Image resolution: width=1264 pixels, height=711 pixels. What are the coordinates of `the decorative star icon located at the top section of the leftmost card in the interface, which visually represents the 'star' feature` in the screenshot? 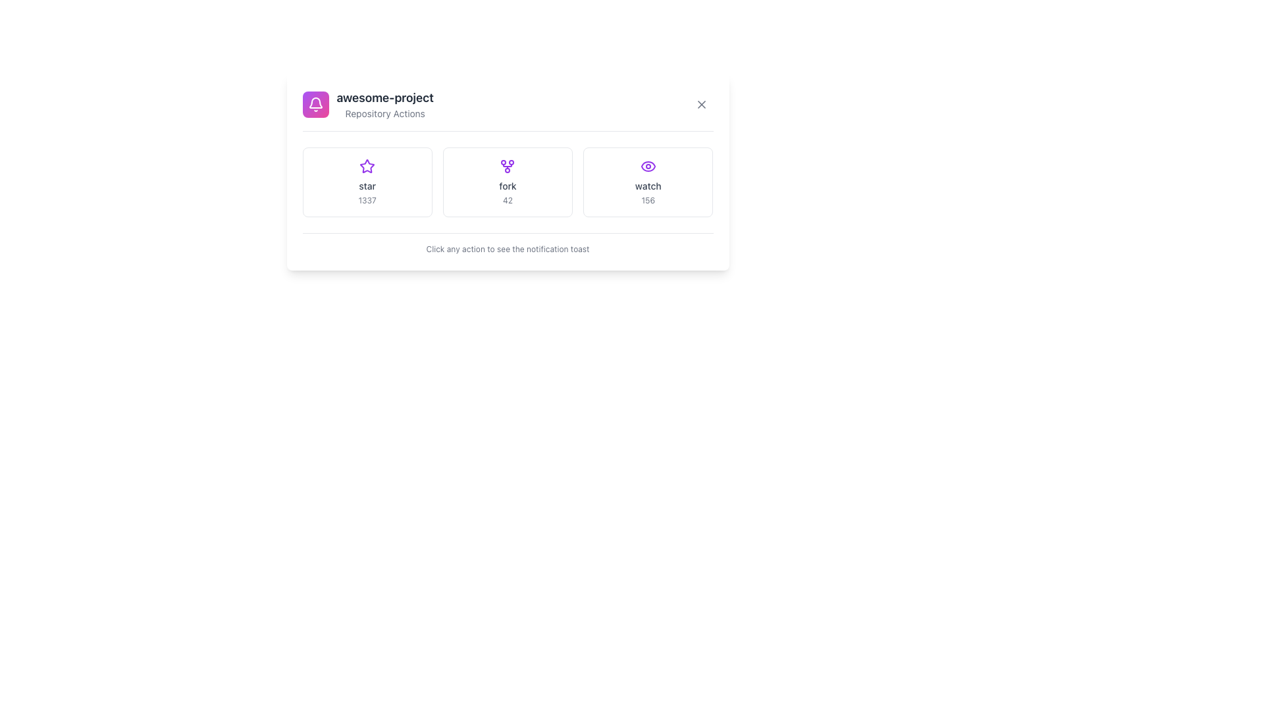 It's located at (367, 166).